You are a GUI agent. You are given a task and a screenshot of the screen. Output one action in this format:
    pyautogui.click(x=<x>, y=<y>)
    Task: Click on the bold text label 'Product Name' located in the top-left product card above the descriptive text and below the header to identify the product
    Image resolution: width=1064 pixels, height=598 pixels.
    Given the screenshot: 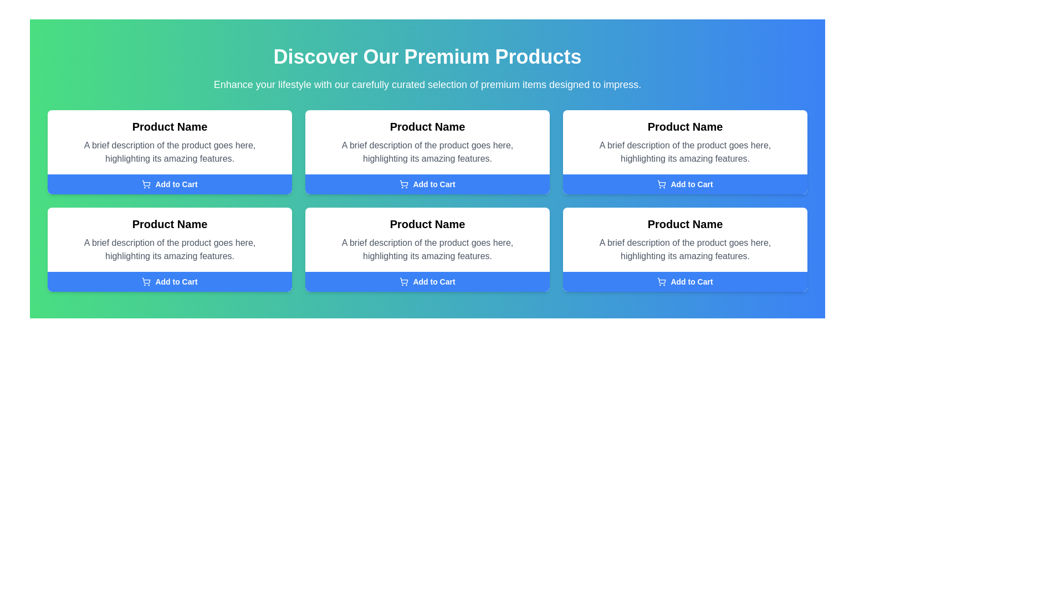 What is the action you would take?
    pyautogui.click(x=169, y=126)
    